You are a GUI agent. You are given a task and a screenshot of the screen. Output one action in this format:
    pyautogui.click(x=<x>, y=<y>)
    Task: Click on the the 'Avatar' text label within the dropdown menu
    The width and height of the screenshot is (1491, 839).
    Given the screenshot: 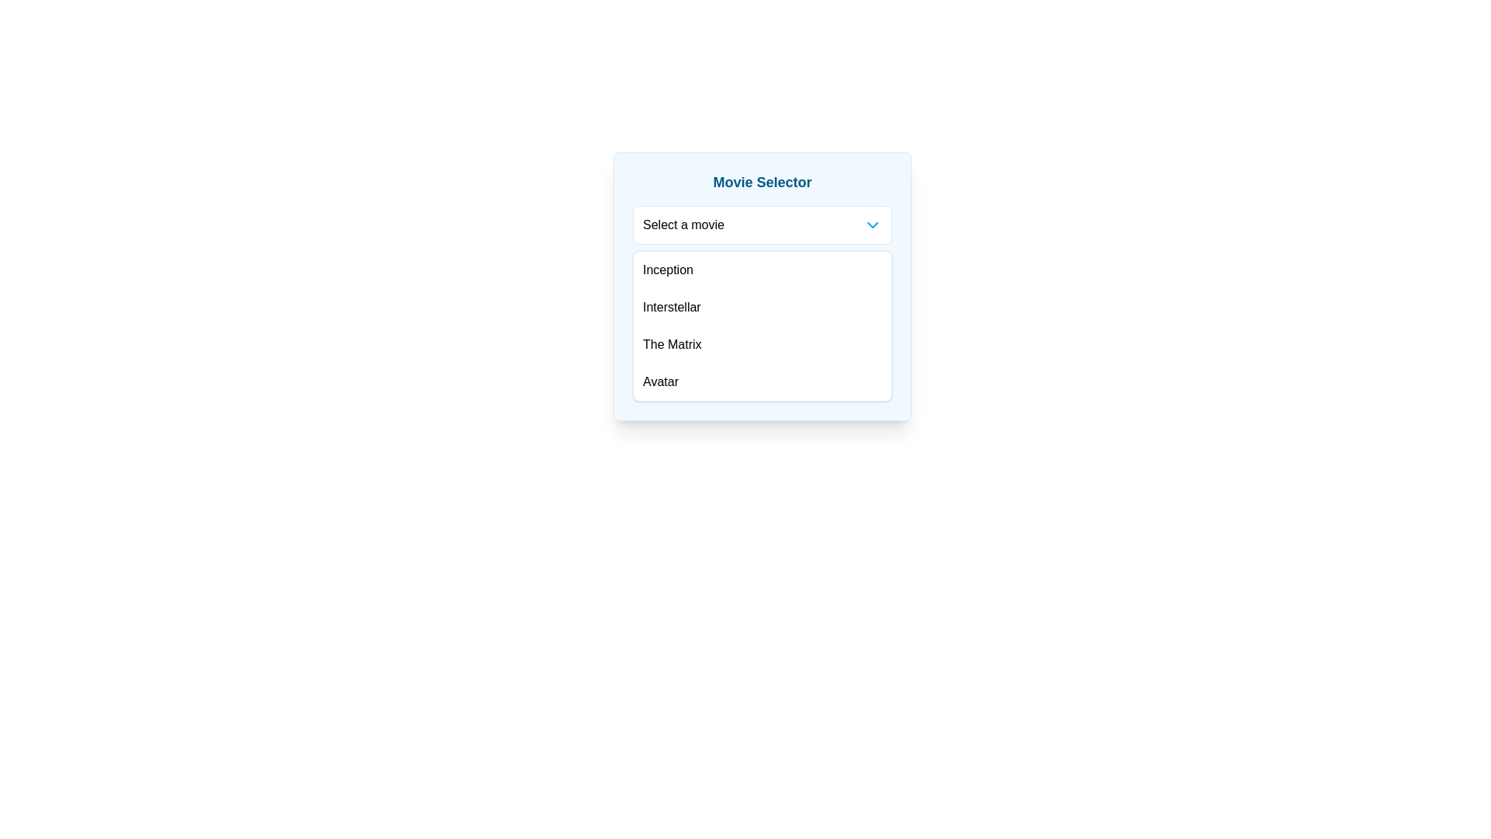 What is the action you would take?
    pyautogui.click(x=660, y=382)
    